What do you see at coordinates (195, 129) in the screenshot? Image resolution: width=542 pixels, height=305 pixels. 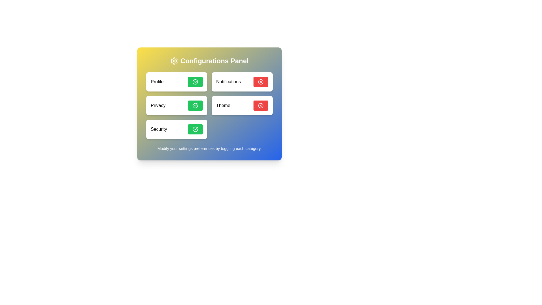 I see `the check mark icon within the 'Security' section, which indicates the activation status of the 'Security' feature` at bounding box center [195, 129].